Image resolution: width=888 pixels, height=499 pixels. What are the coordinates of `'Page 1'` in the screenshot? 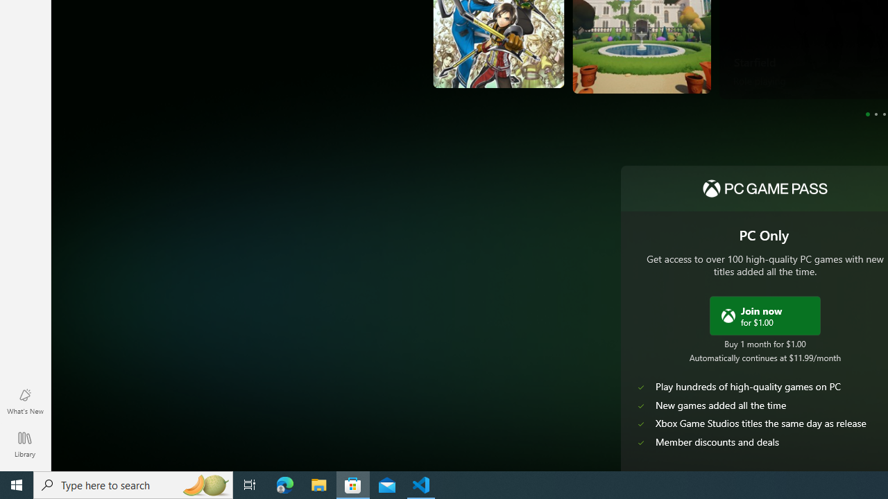 It's located at (867, 113).